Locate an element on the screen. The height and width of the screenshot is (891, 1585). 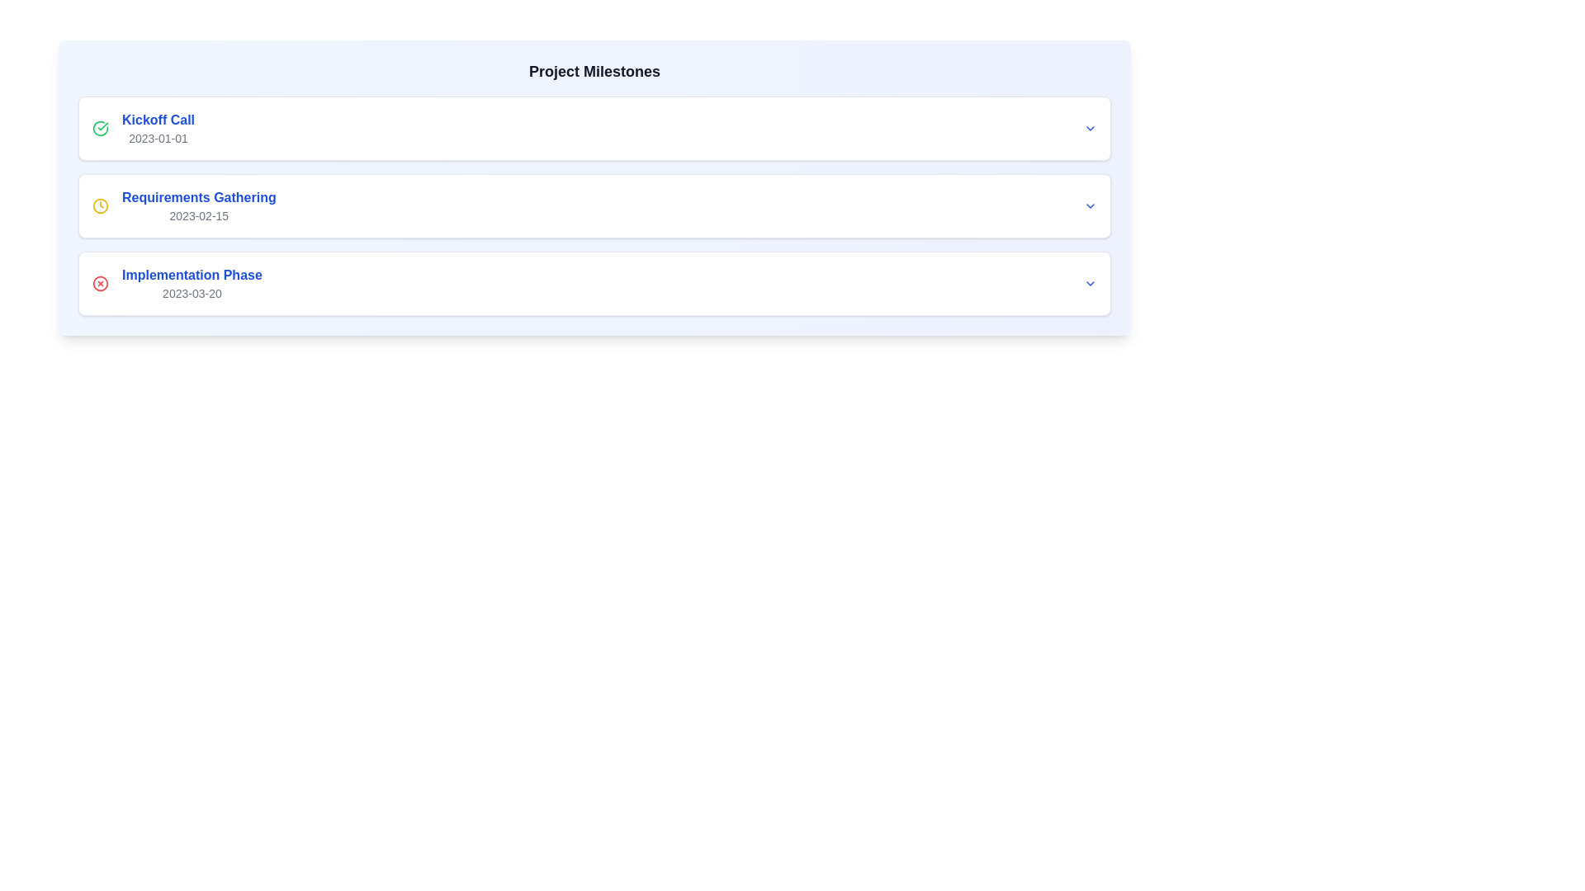
the third milestone item in the 'Project Milestones' section, which displays its title and associated date, positioned between 'Requirements Gathering' and subsequent milestones is located at coordinates (192, 282).